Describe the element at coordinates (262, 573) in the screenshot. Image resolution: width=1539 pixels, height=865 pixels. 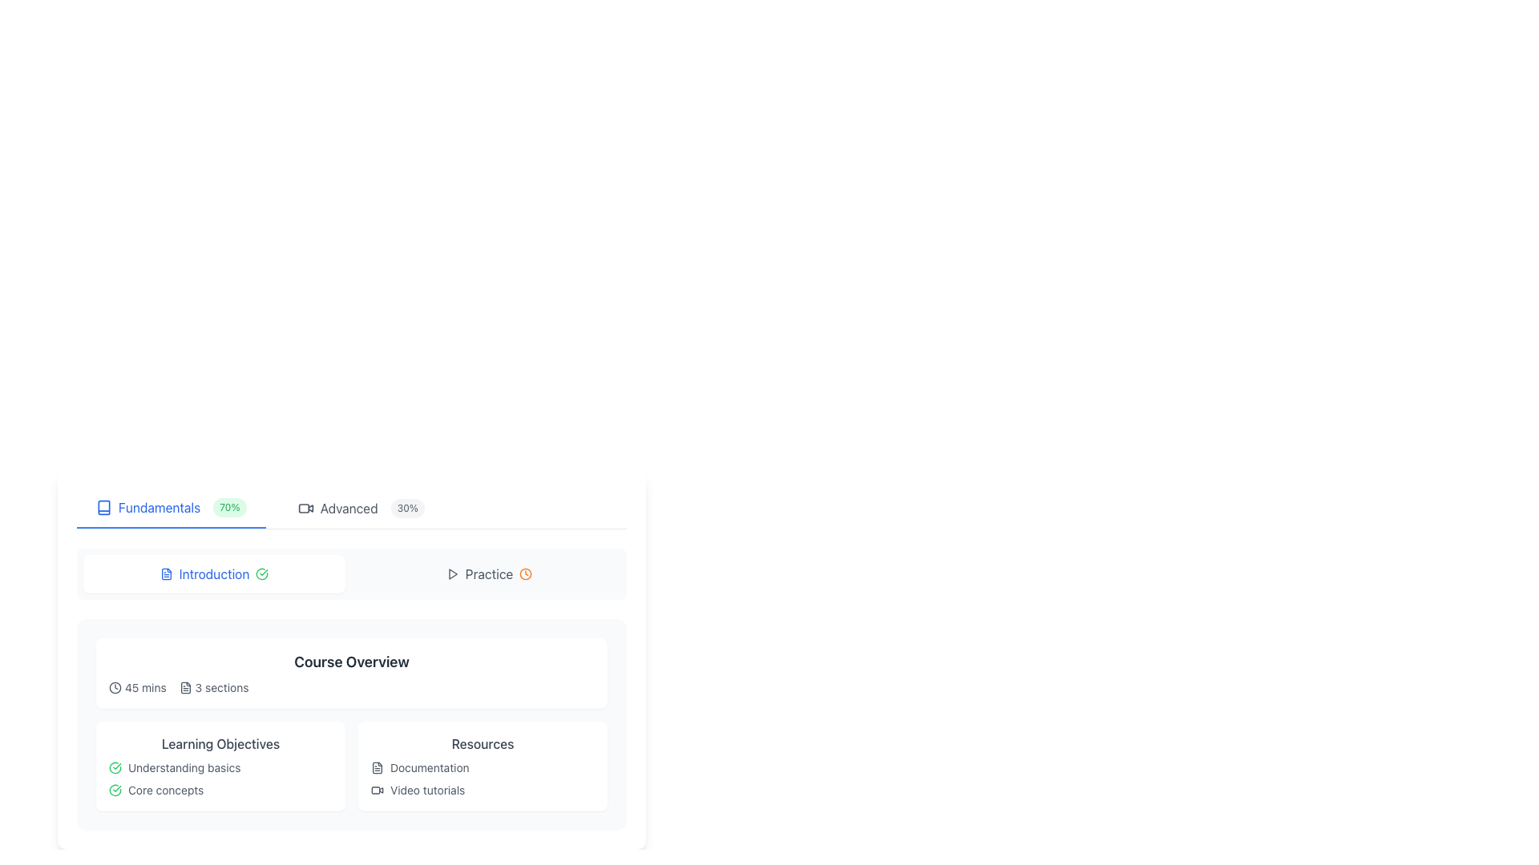
I see `the rightmost icon indicating the completion or status of the 'Introduction' section located below 'Fundamentals'` at that location.